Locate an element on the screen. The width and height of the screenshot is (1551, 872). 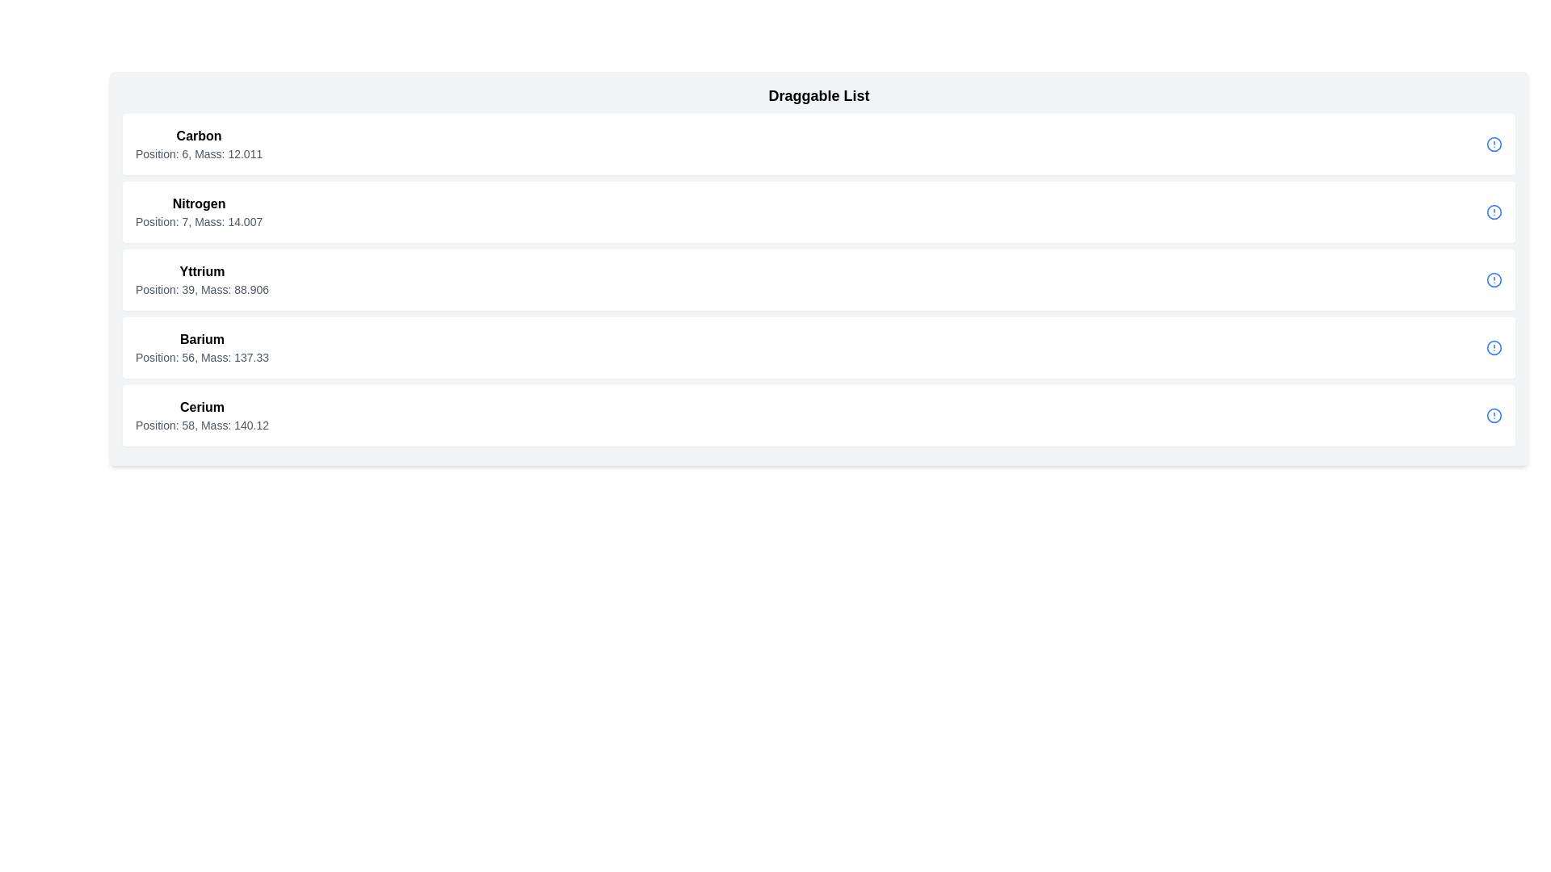
text label identifying 'Barium', which serves as the primary label in the list of chemical elements is located at coordinates (201, 338).